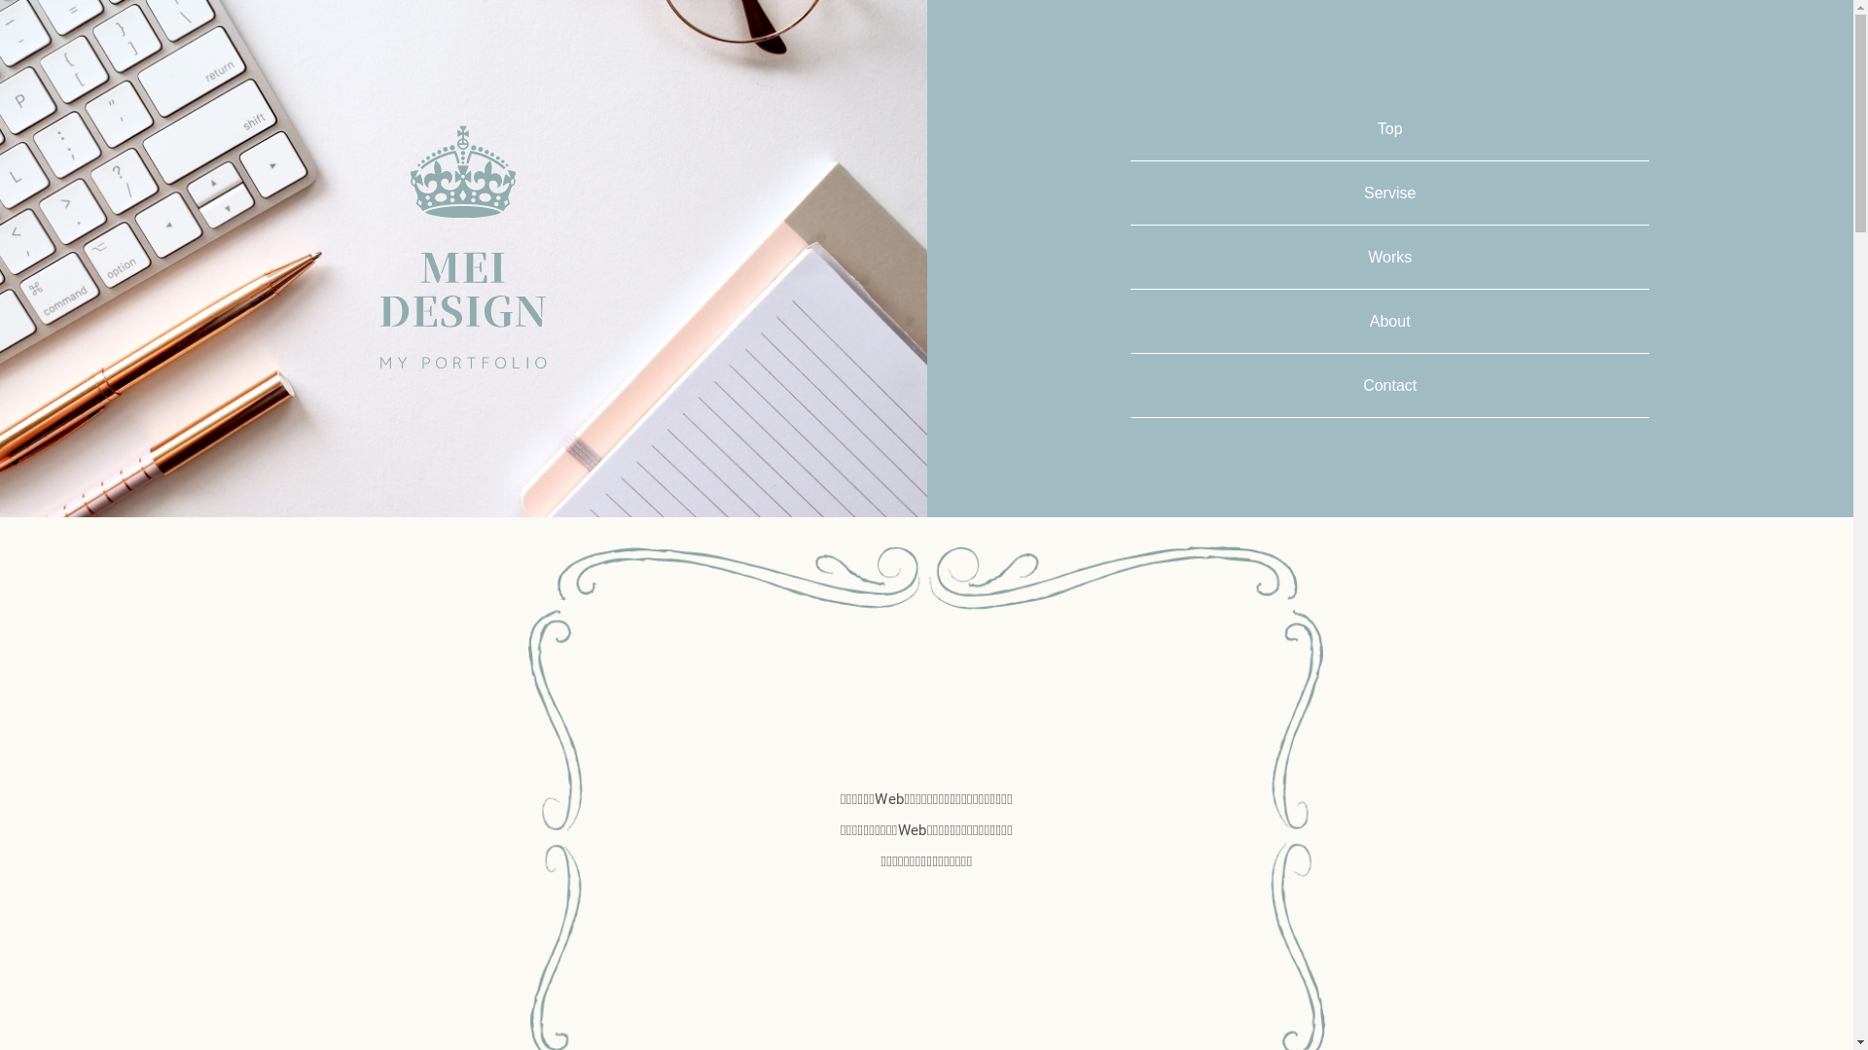  I want to click on 'About', so click(1389, 320).